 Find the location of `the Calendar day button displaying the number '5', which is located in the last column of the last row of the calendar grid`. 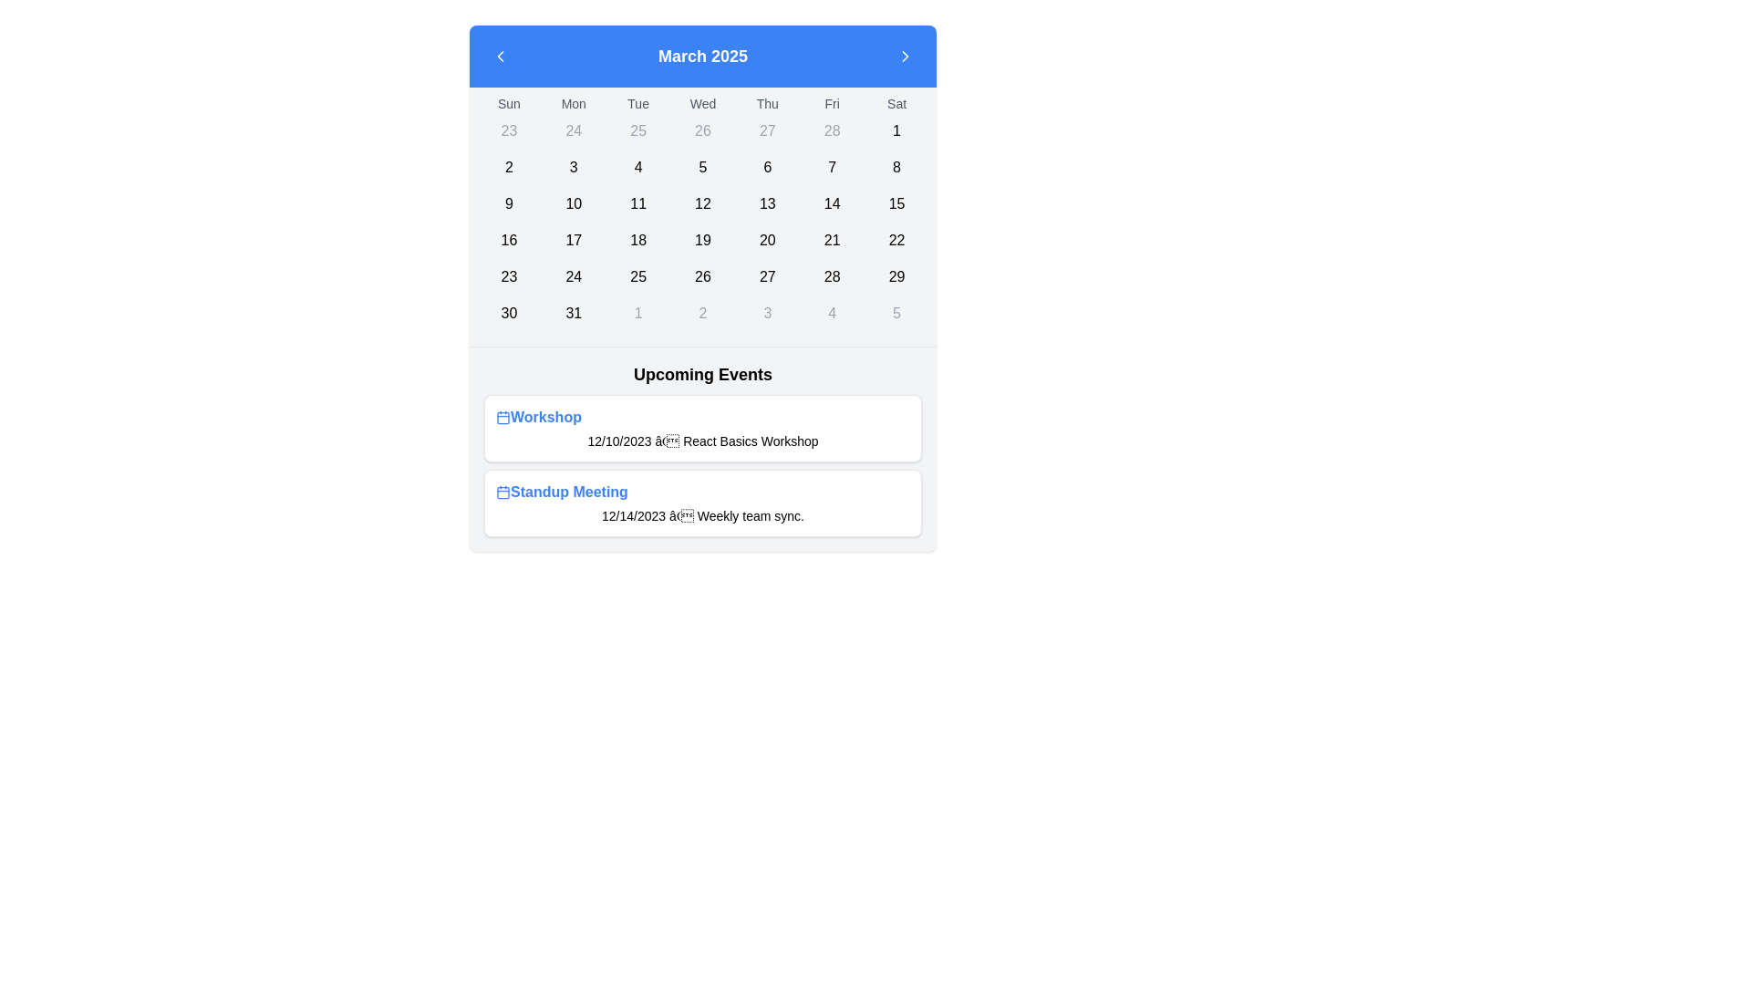

the Calendar day button displaying the number '5', which is located in the last column of the last row of the calendar grid is located at coordinates (896, 312).